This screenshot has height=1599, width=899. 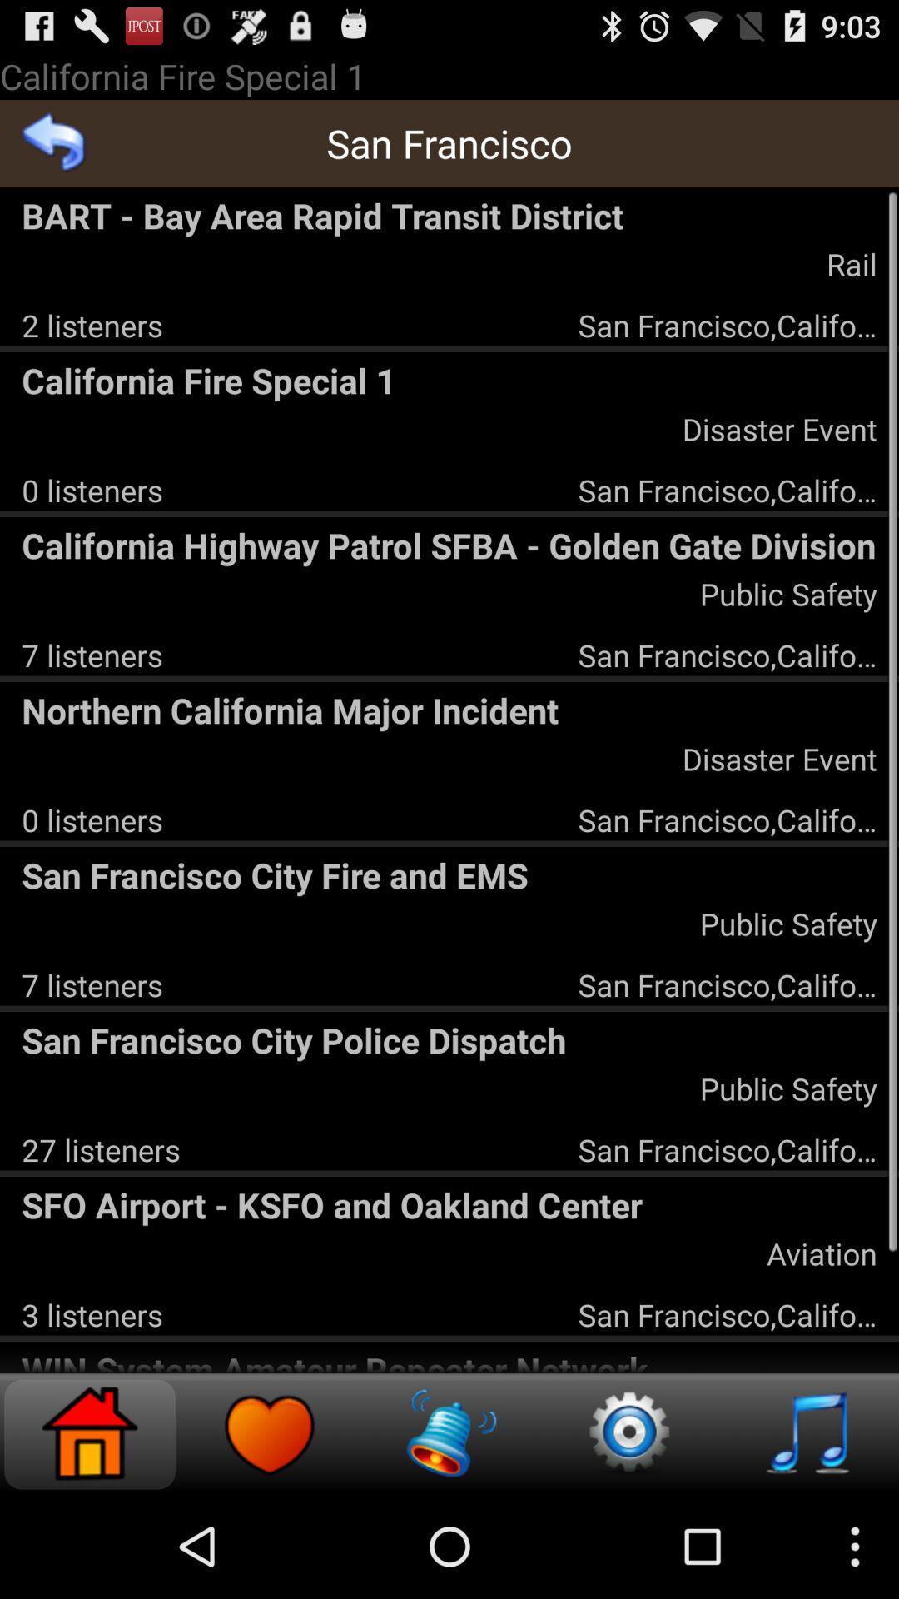 What do you see at coordinates (852, 263) in the screenshot?
I see `the rail app` at bounding box center [852, 263].